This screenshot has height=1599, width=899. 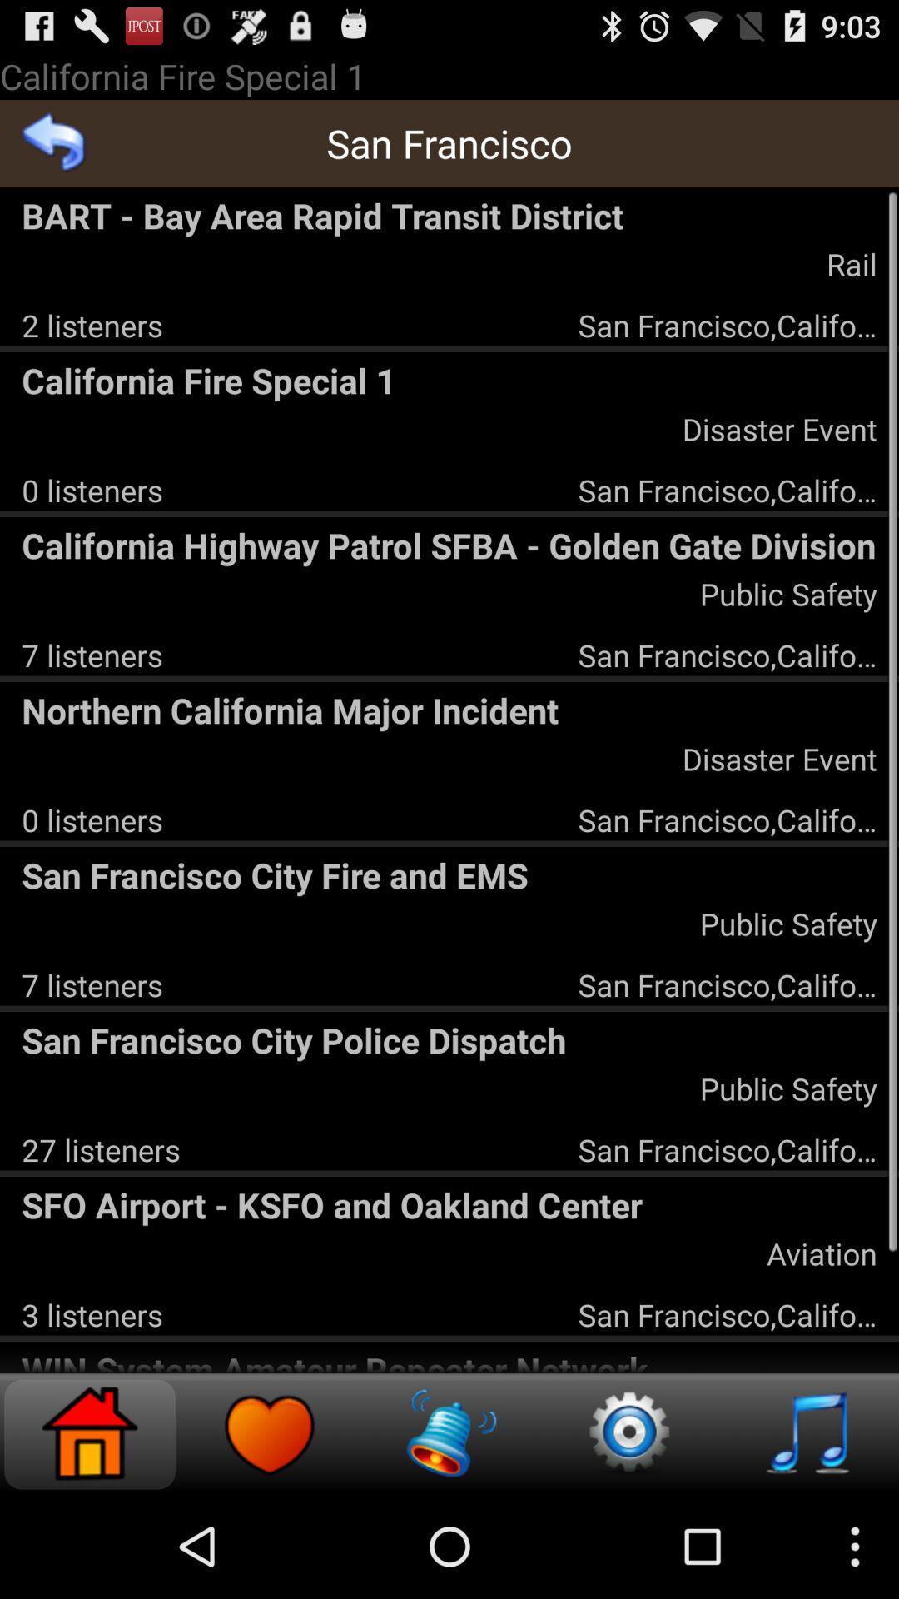 What do you see at coordinates (852, 263) in the screenshot?
I see `the rail app` at bounding box center [852, 263].